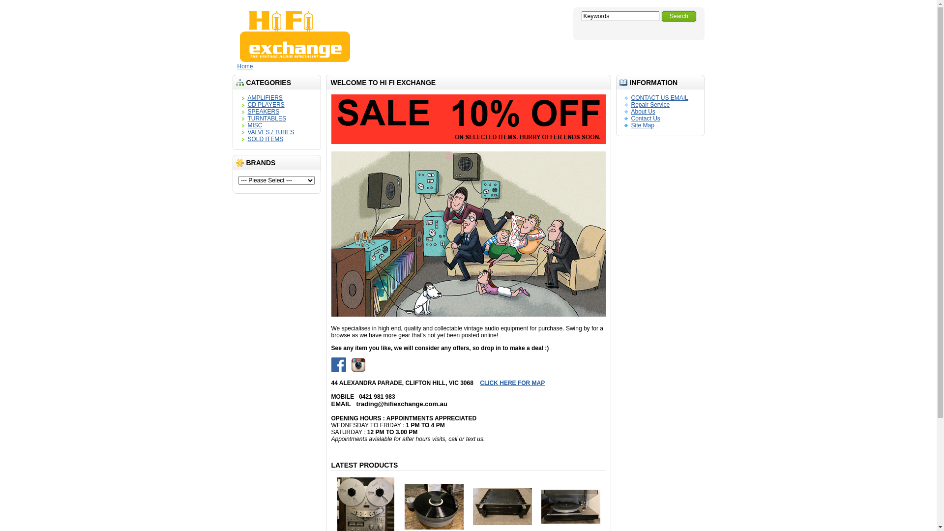 The height and width of the screenshot is (531, 944). What do you see at coordinates (271, 132) in the screenshot?
I see `'VALVES / TUBES'` at bounding box center [271, 132].